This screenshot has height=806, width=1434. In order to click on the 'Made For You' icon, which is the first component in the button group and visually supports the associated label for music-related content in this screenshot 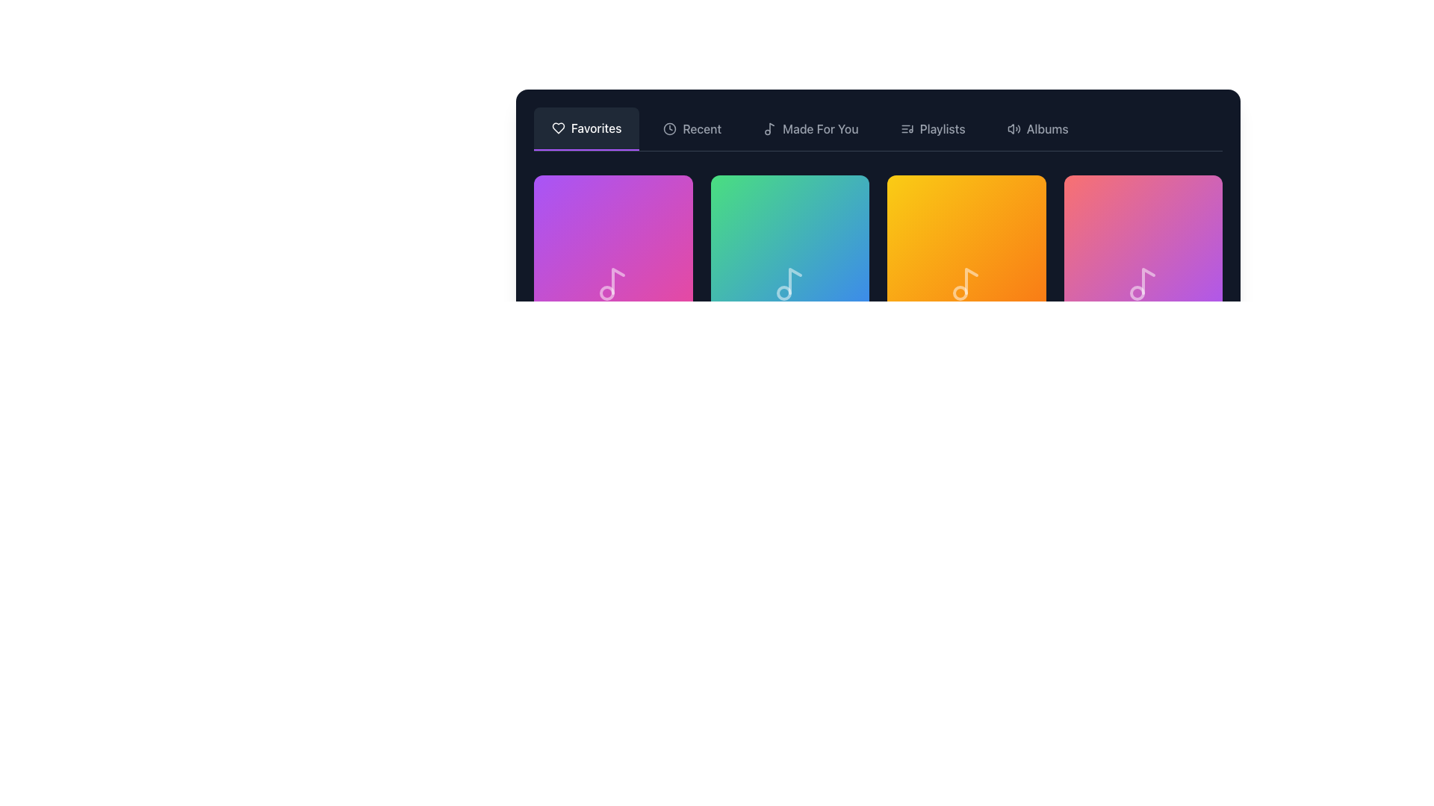, I will do `click(770, 128)`.